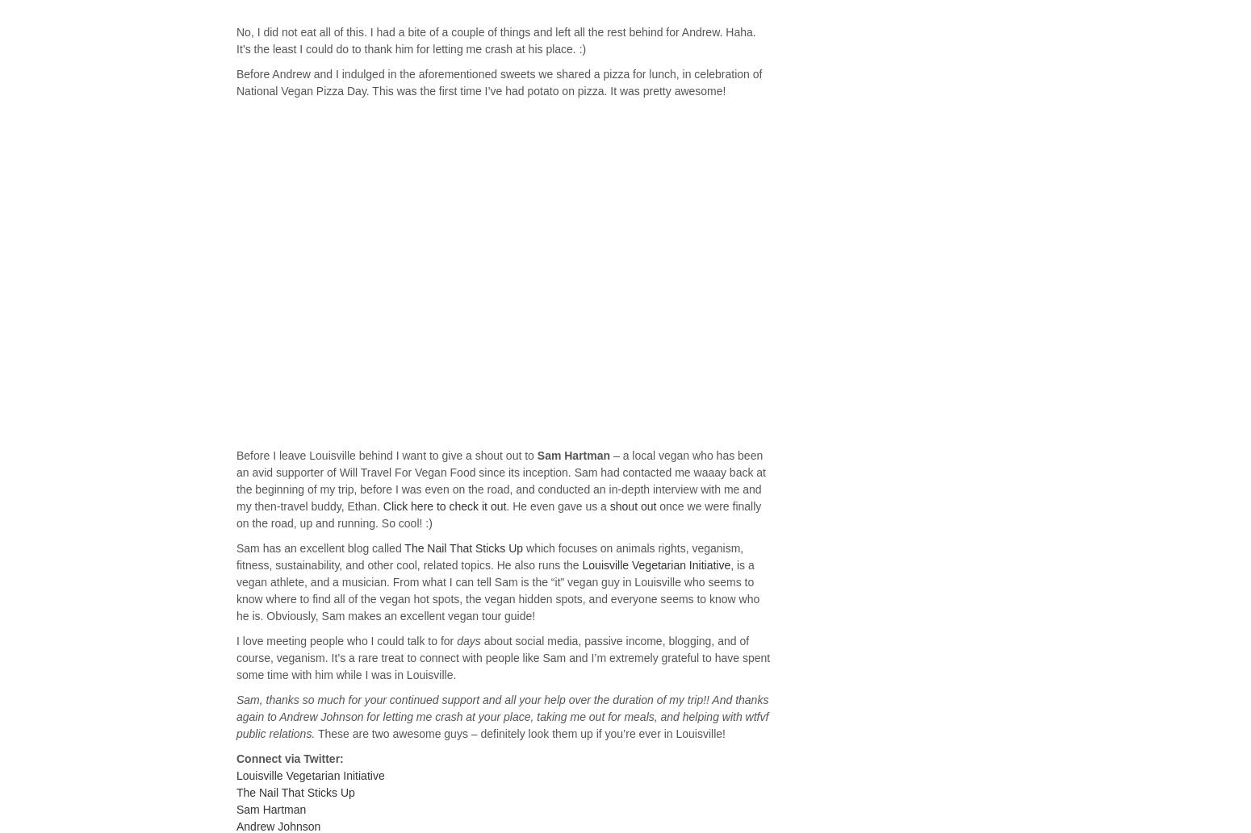 This screenshot has height=833, width=1251. I want to click on 'Click here to check it out', so click(381, 505).